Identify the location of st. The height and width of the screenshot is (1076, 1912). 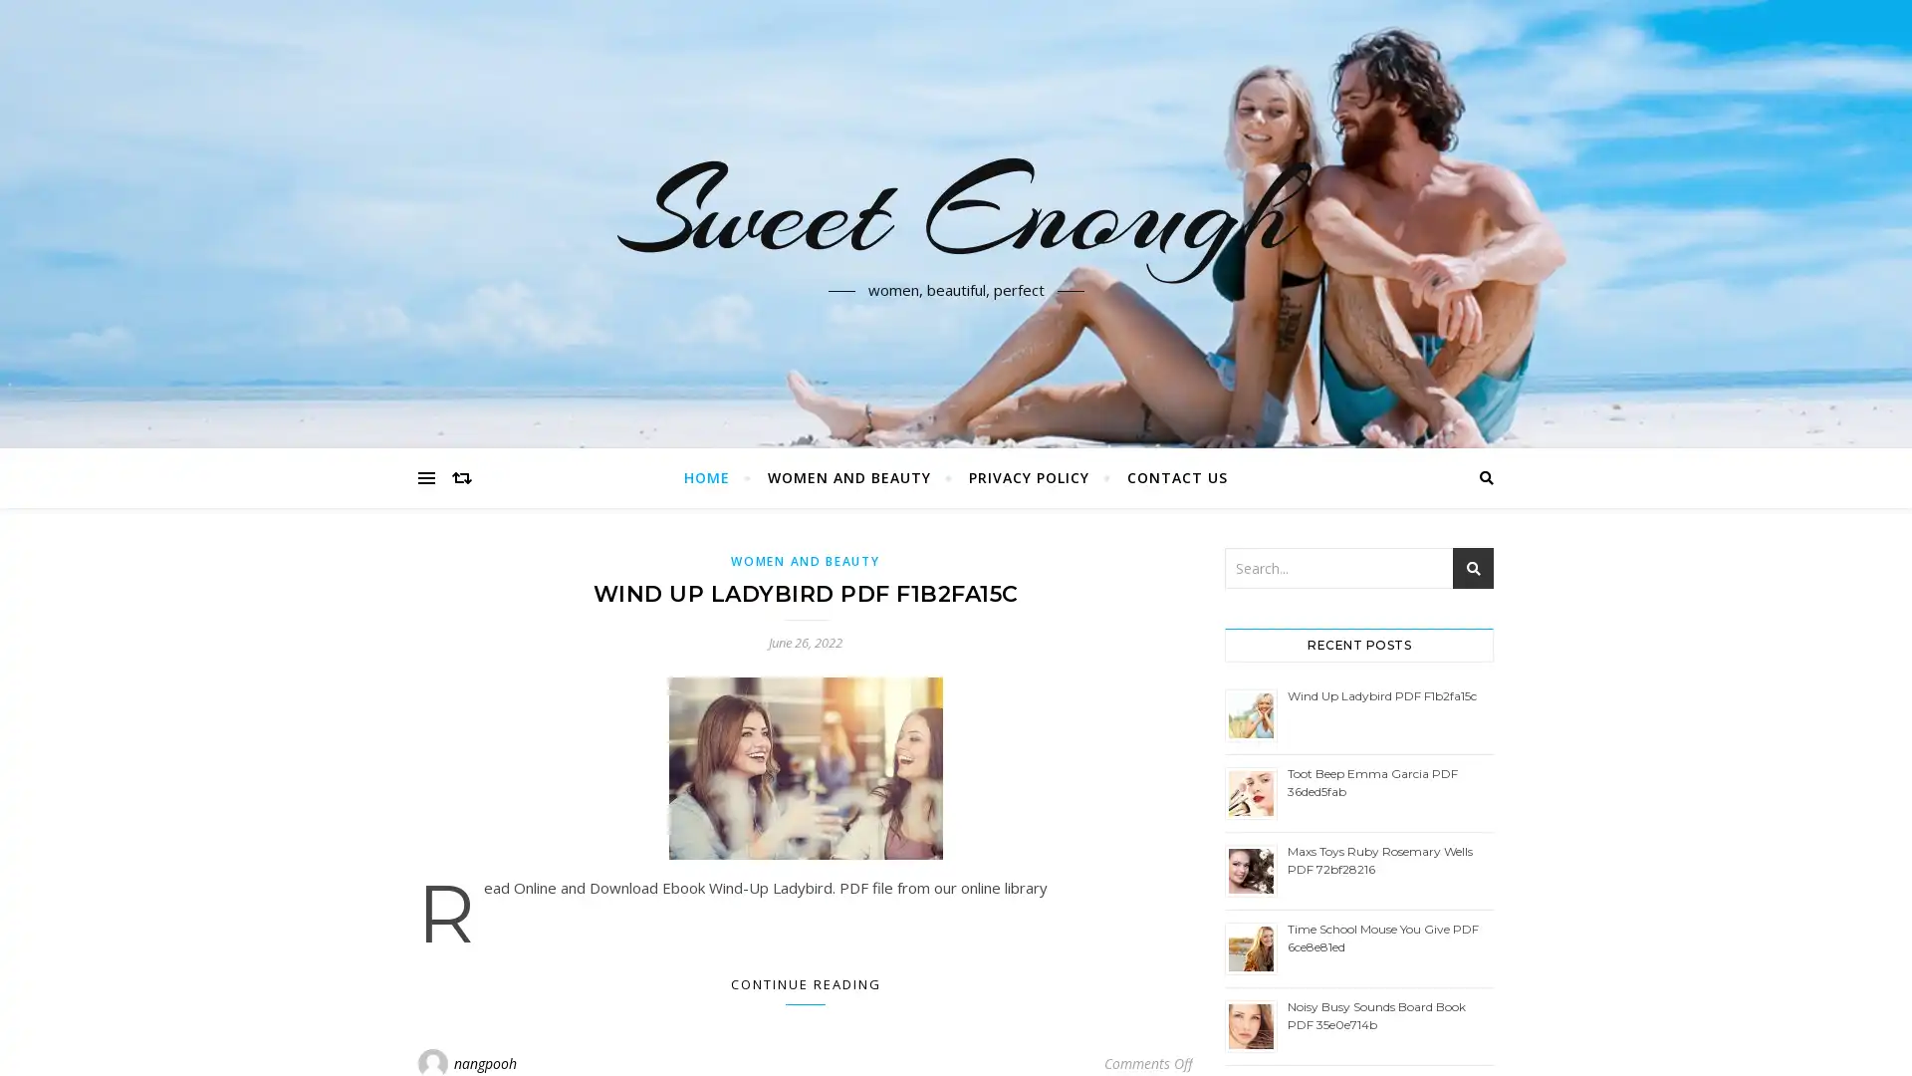
(1473, 568).